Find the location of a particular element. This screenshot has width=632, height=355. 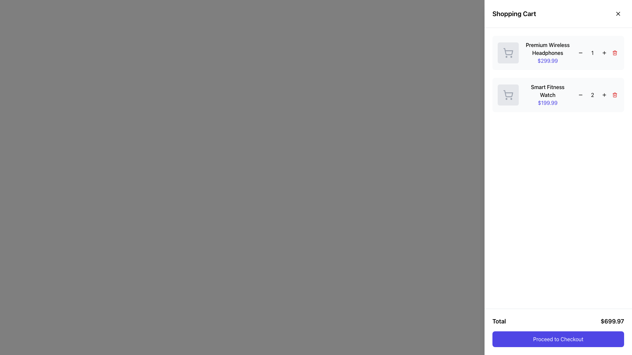

the 'X' icon button located at the top-right corner of the shopping cart interface is located at coordinates (618, 14).